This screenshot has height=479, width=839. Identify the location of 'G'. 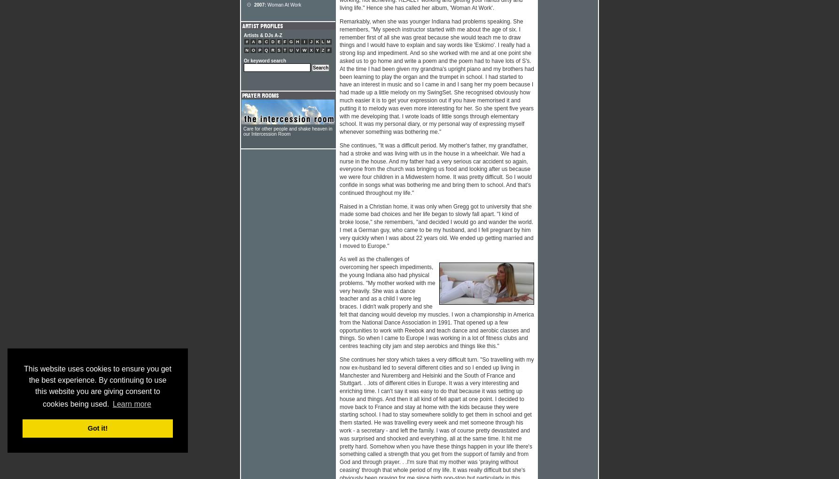
(291, 41).